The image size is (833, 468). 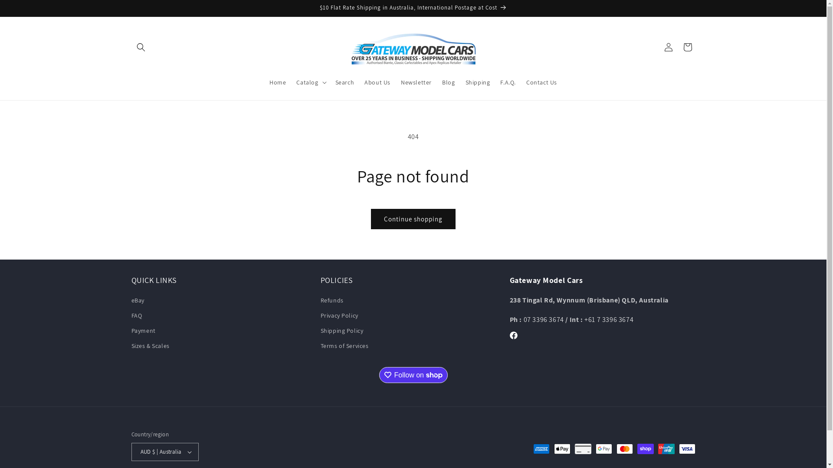 What do you see at coordinates (131, 345) in the screenshot?
I see `'Sizes & Scales'` at bounding box center [131, 345].